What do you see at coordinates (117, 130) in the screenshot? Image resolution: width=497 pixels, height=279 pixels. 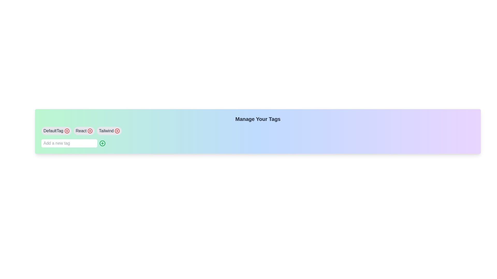 I see `the circular decorative shape within the 'X' tag deletion icon in the 'Tailwind' tags list section` at bounding box center [117, 130].